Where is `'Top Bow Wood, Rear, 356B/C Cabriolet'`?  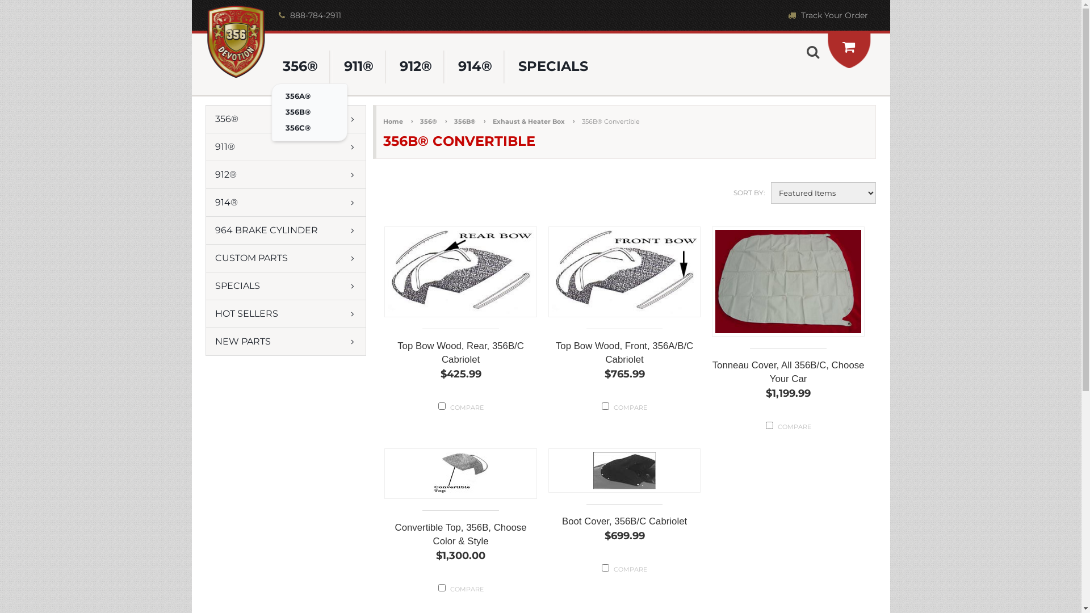 'Top Bow Wood, Rear, 356B/C Cabriolet' is located at coordinates (460, 347).